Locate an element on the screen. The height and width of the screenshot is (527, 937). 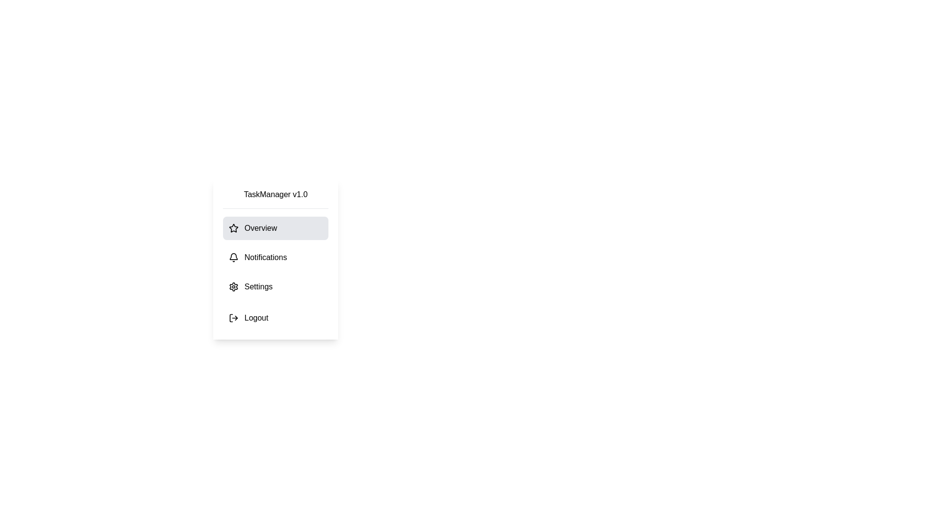
the vertical navigation menu items in the TaskManager v1.0 section is located at coordinates (275, 259).